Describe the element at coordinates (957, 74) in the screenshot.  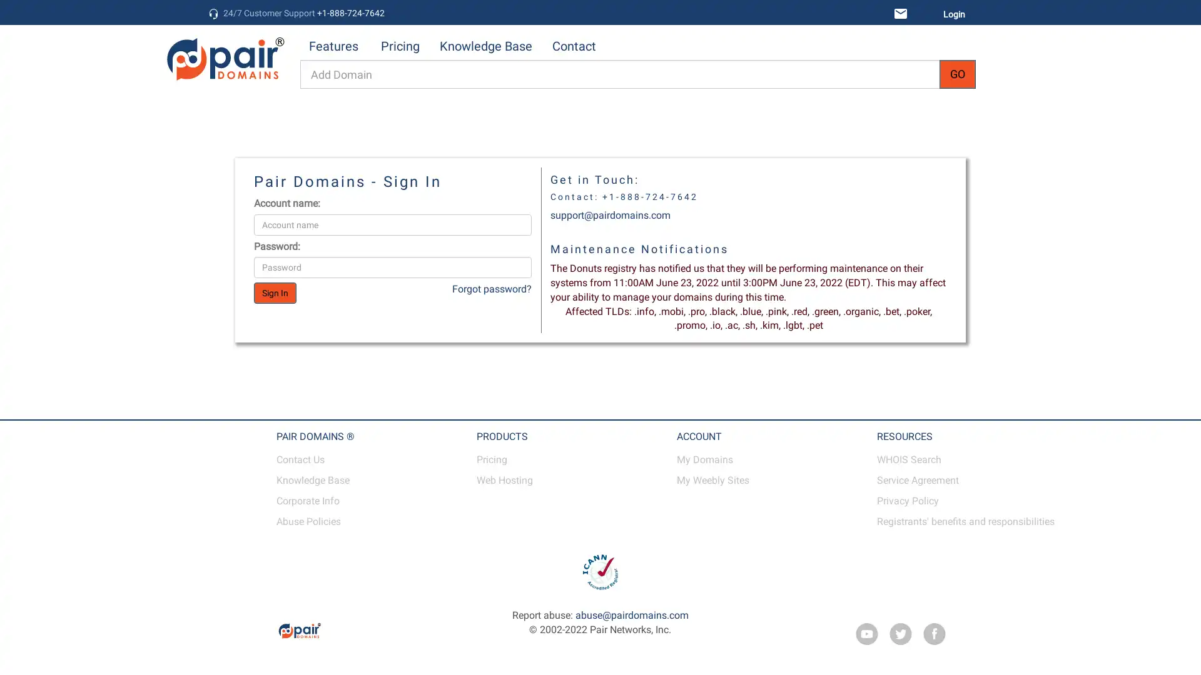
I see `GO` at that location.